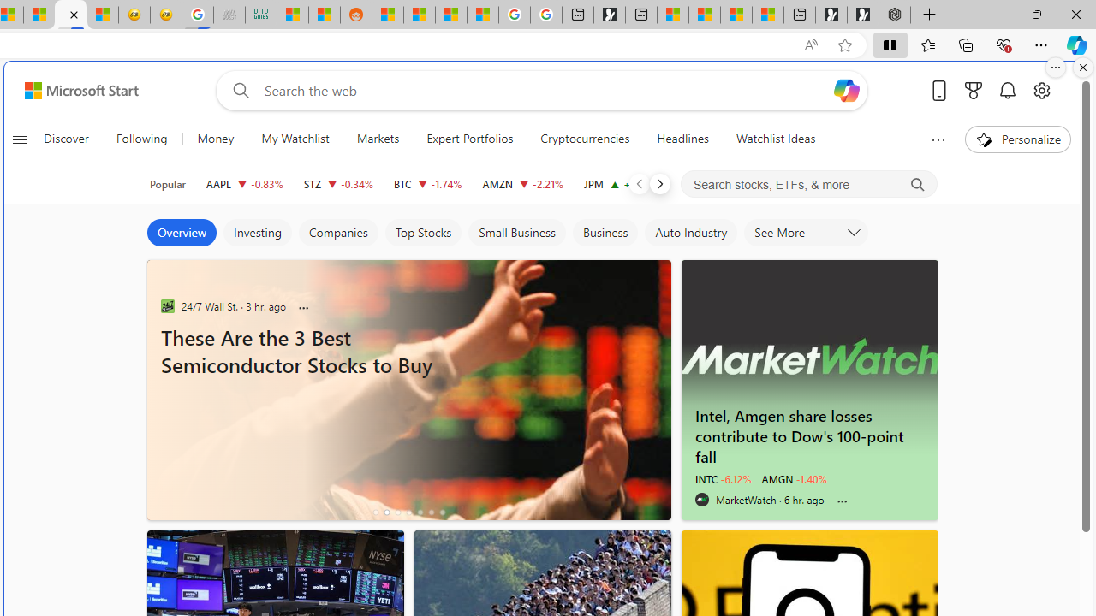 Image resolution: width=1096 pixels, height=616 pixels. Describe the element at coordinates (521, 183) in the screenshot. I see `'AMZN AMAZON.COM, INC. decrease 176.13 -3.98 -2.21%'` at that location.